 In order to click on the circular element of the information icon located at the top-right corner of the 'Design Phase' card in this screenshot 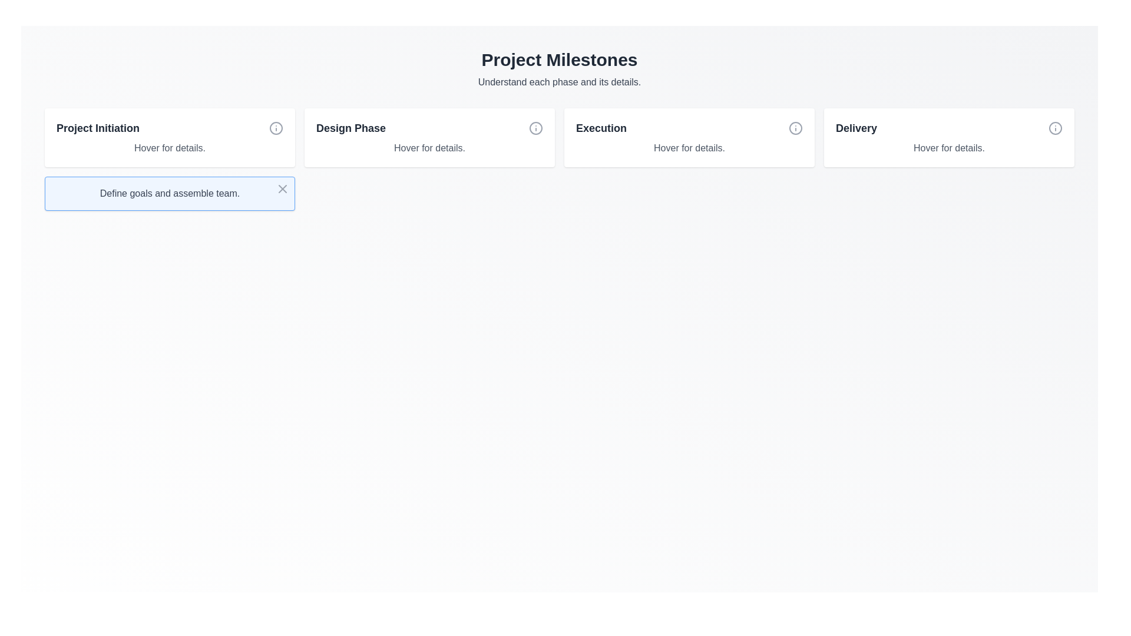, I will do `click(535, 128)`.